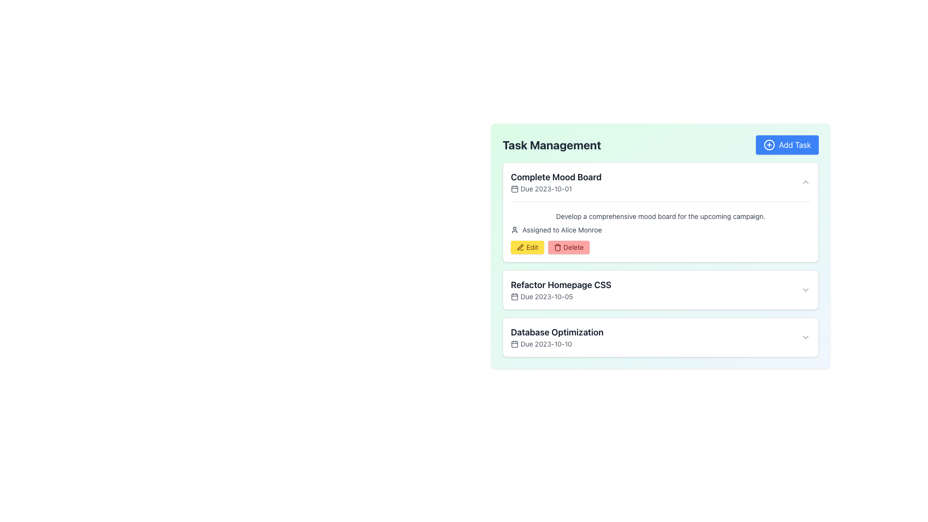 This screenshot has height=522, width=928. I want to click on the static text element that displays 'Develop a comprehensive mood board for the upcoming campaign.' located below the task title in the task management interface, so click(660, 216).